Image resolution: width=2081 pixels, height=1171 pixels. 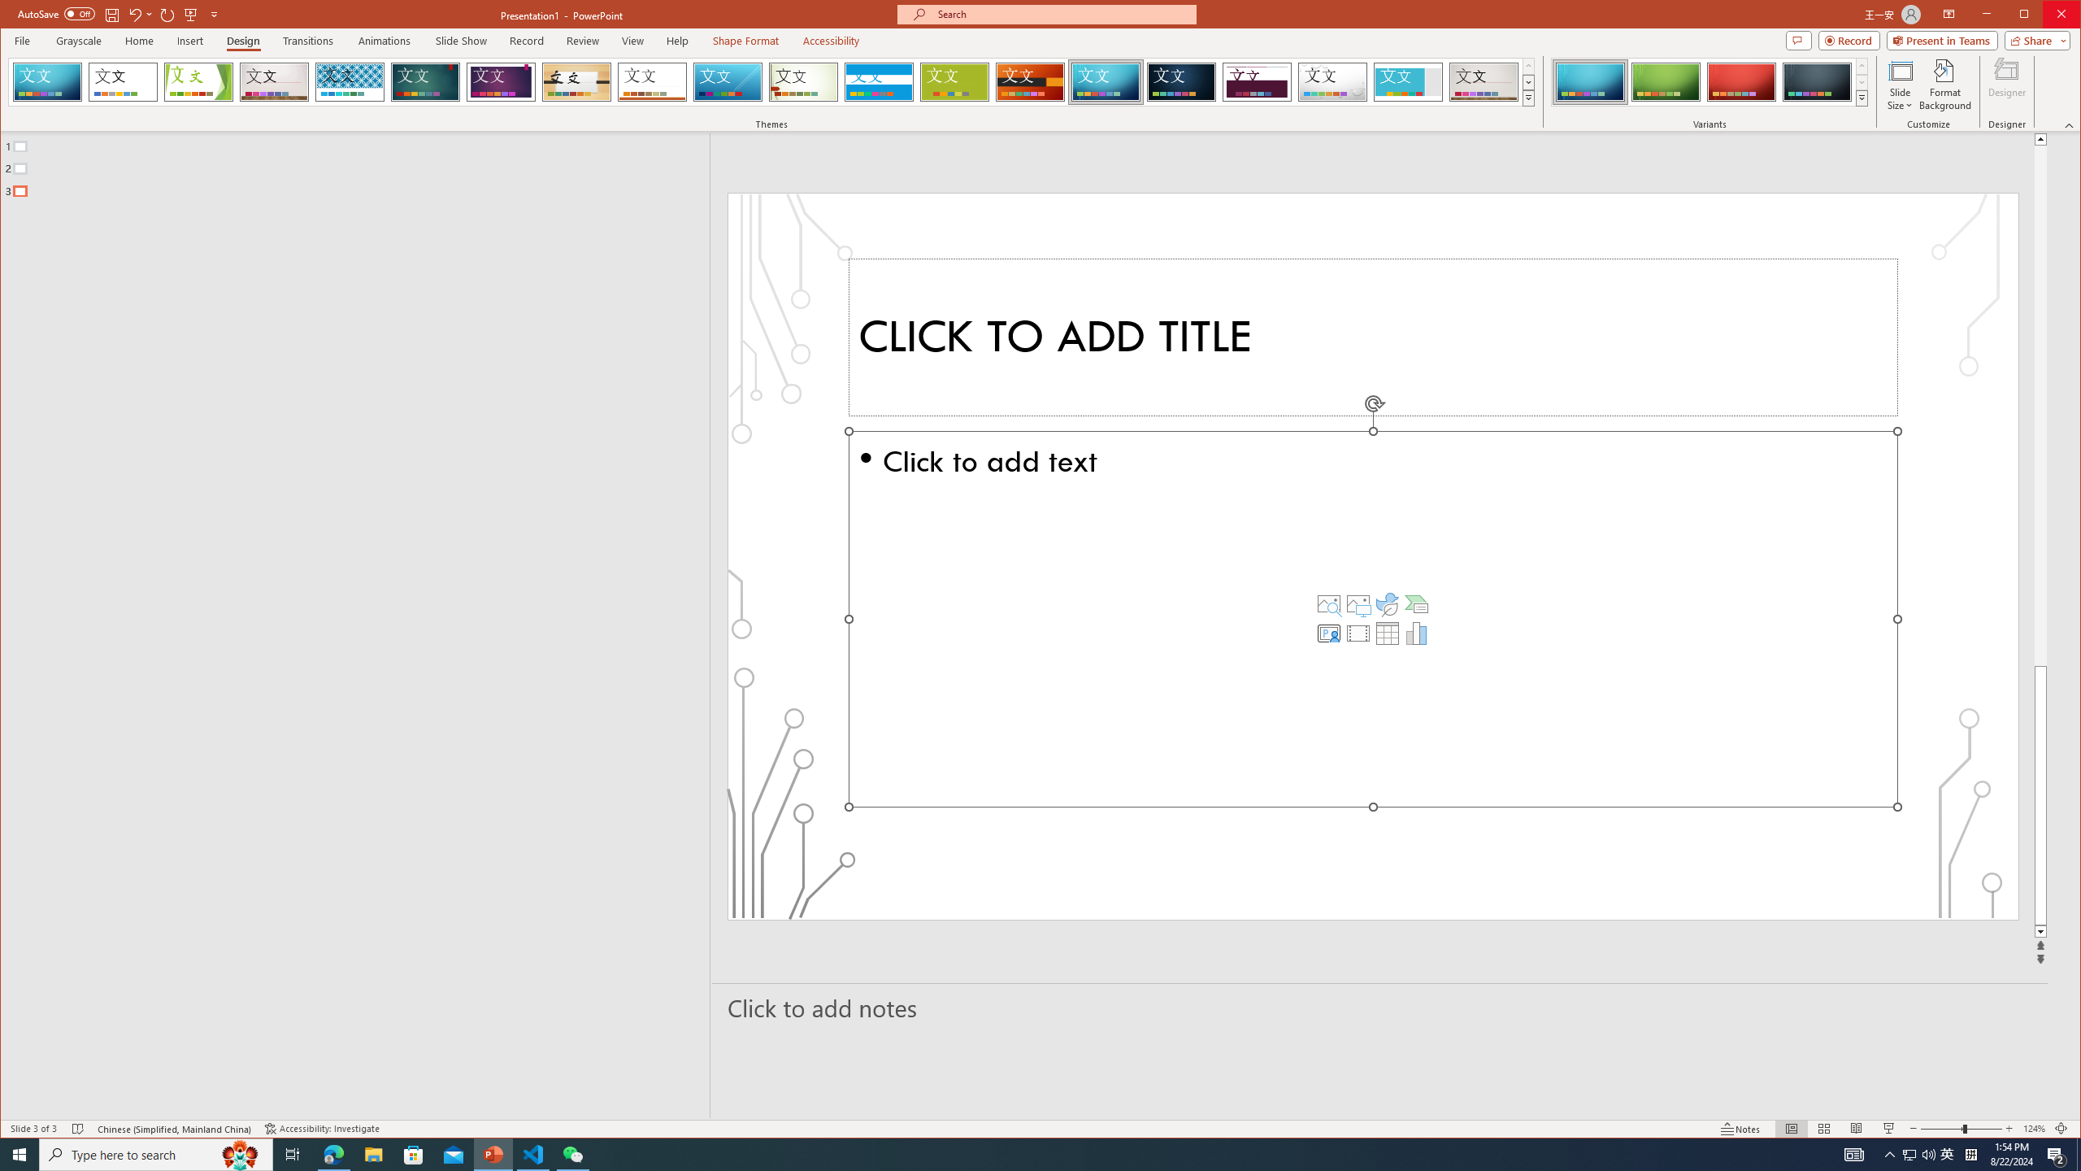 I want to click on 'Visual Studio Code - 1 running window', so click(x=533, y=1153).